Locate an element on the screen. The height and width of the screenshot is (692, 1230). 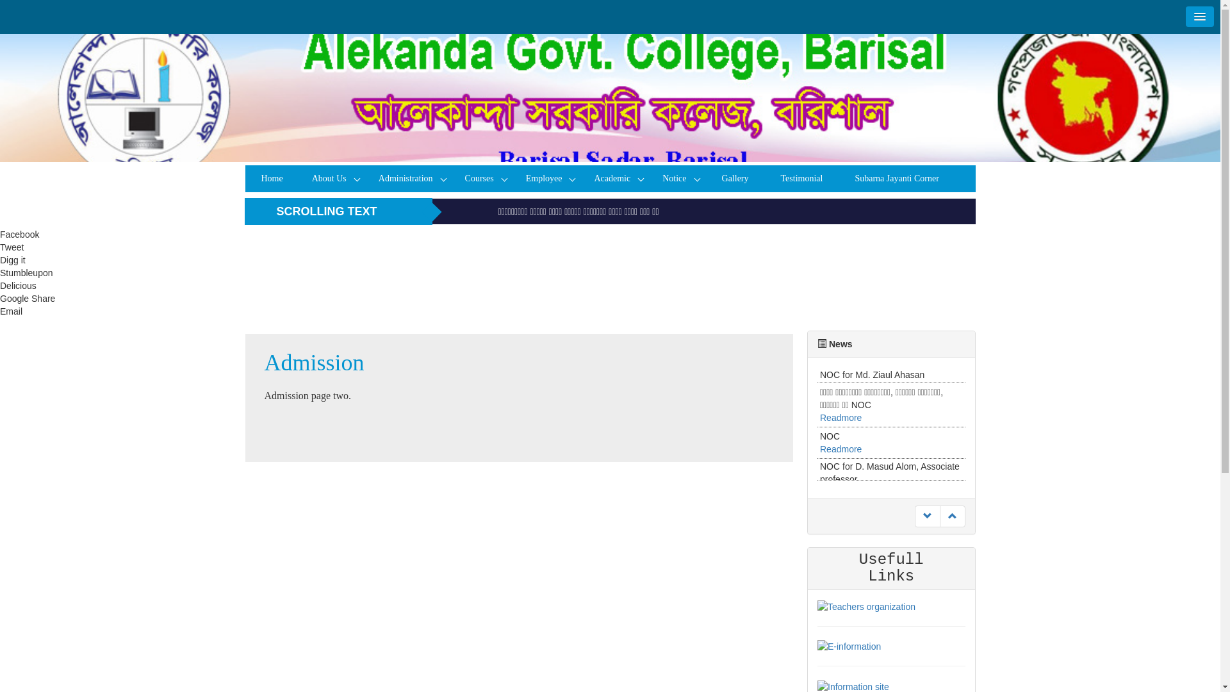
'Readmore' is located at coordinates (840, 465).